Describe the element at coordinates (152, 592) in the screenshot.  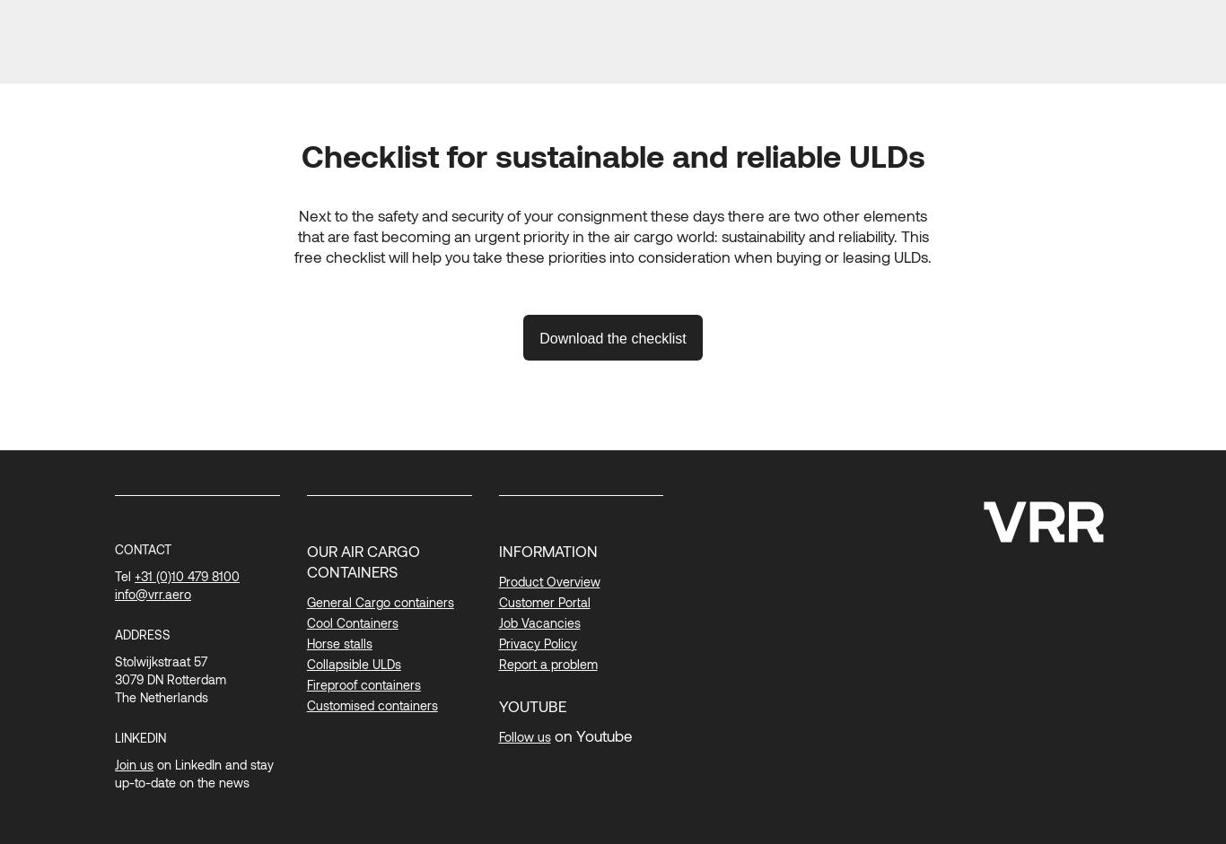
I see `'info@vrr.aero'` at that location.